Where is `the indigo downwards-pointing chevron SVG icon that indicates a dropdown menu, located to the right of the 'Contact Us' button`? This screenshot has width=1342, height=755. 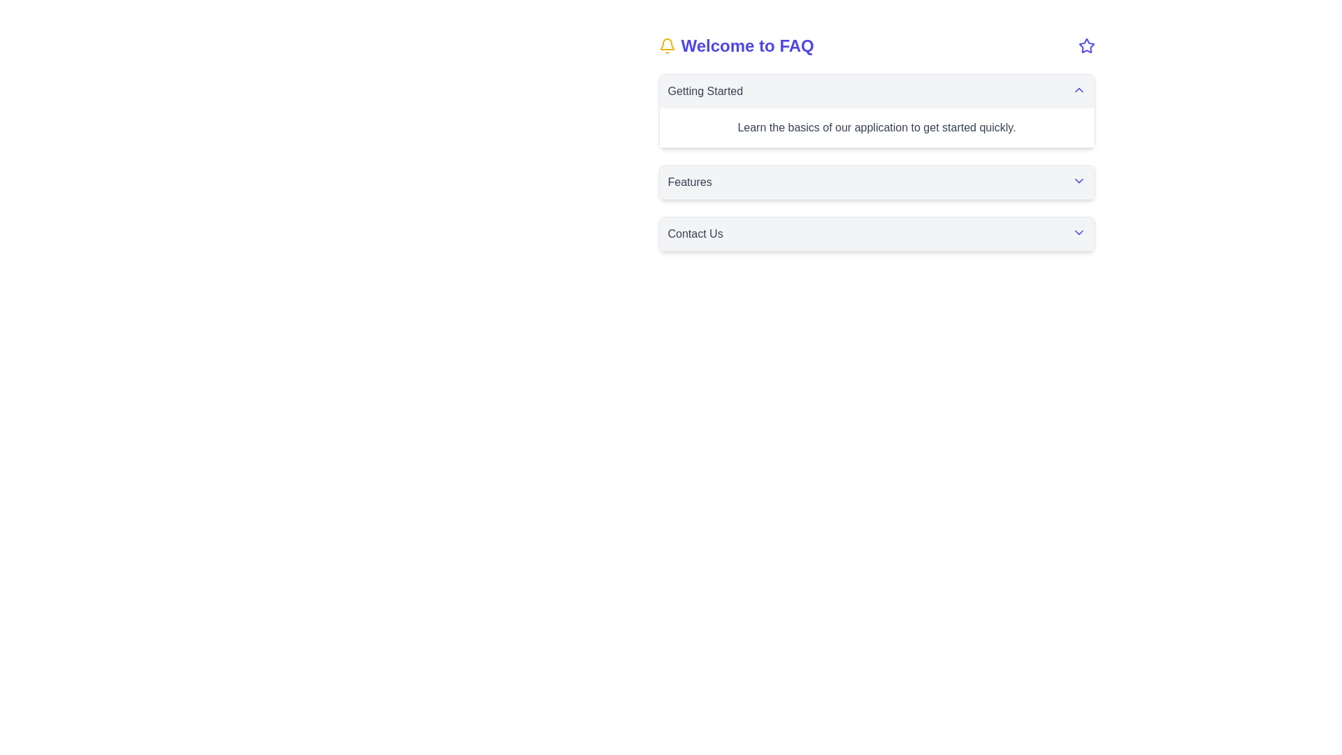 the indigo downwards-pointing chevron SVG icon that indicates a dropdown menu, located to the right of the 'Contact Us' button is located at coordinates (1078, 231).